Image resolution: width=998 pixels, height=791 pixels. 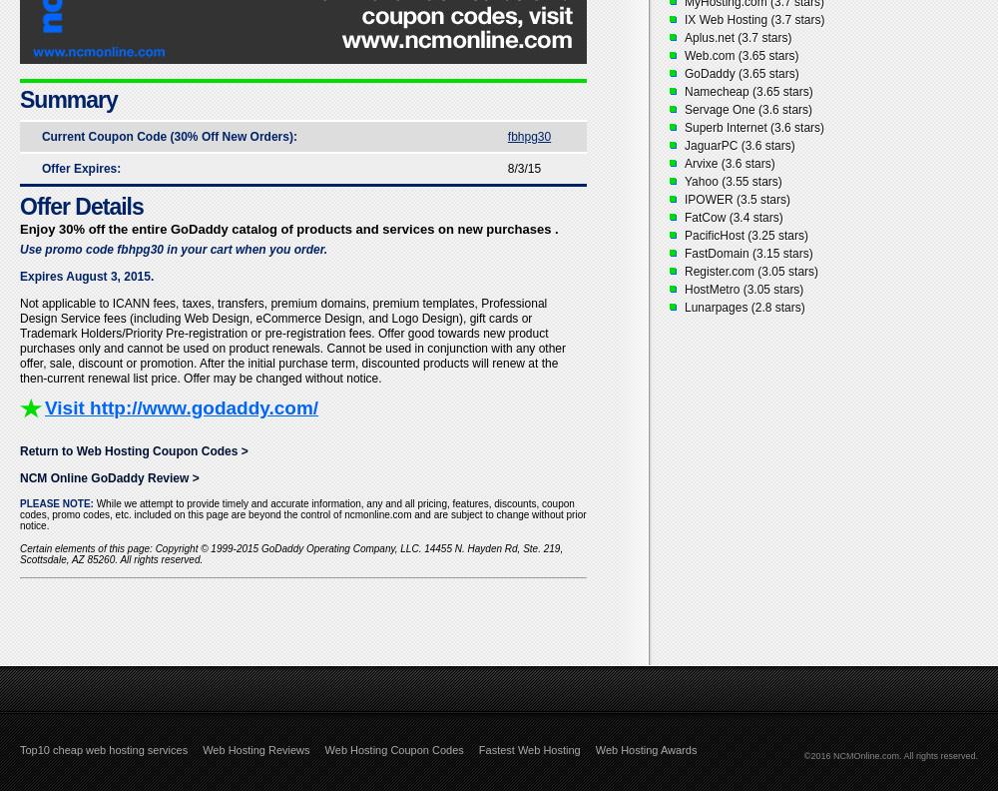 I want to click on 'Return to Web Hosting Coupon Codes >', so click(x=134, y=450).